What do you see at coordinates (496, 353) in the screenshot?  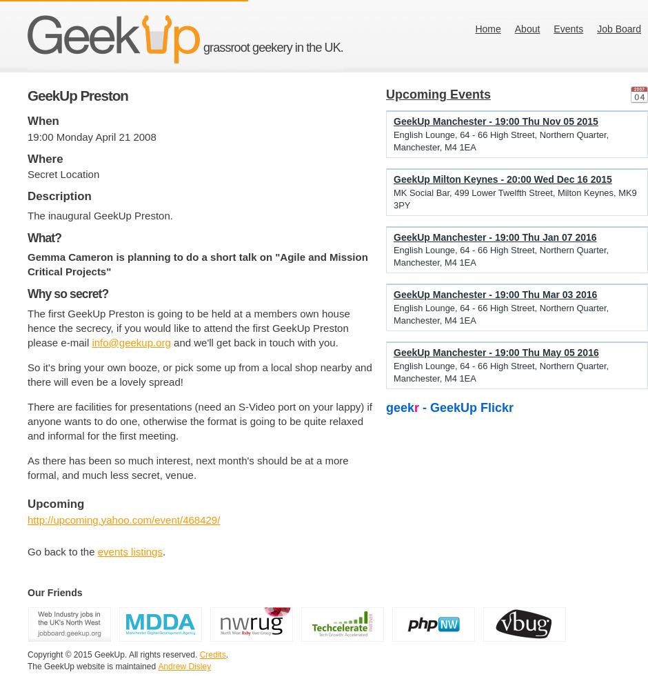 I see `'GeekUp Manchester - 19:00 Thu May 05 2016'` at bounding box center [496, 353].